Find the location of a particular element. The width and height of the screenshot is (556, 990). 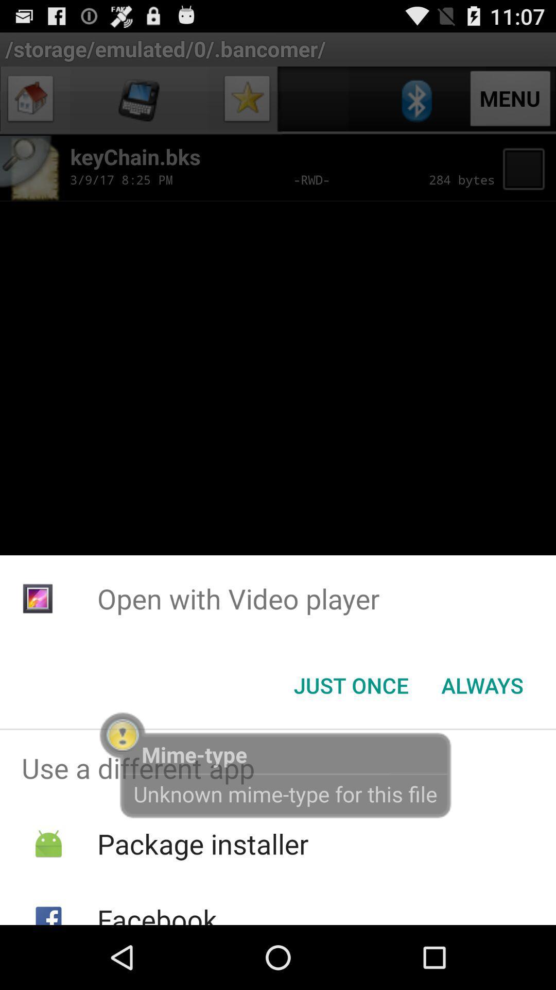

icon above package installer app is located at coordinates (278, 768).